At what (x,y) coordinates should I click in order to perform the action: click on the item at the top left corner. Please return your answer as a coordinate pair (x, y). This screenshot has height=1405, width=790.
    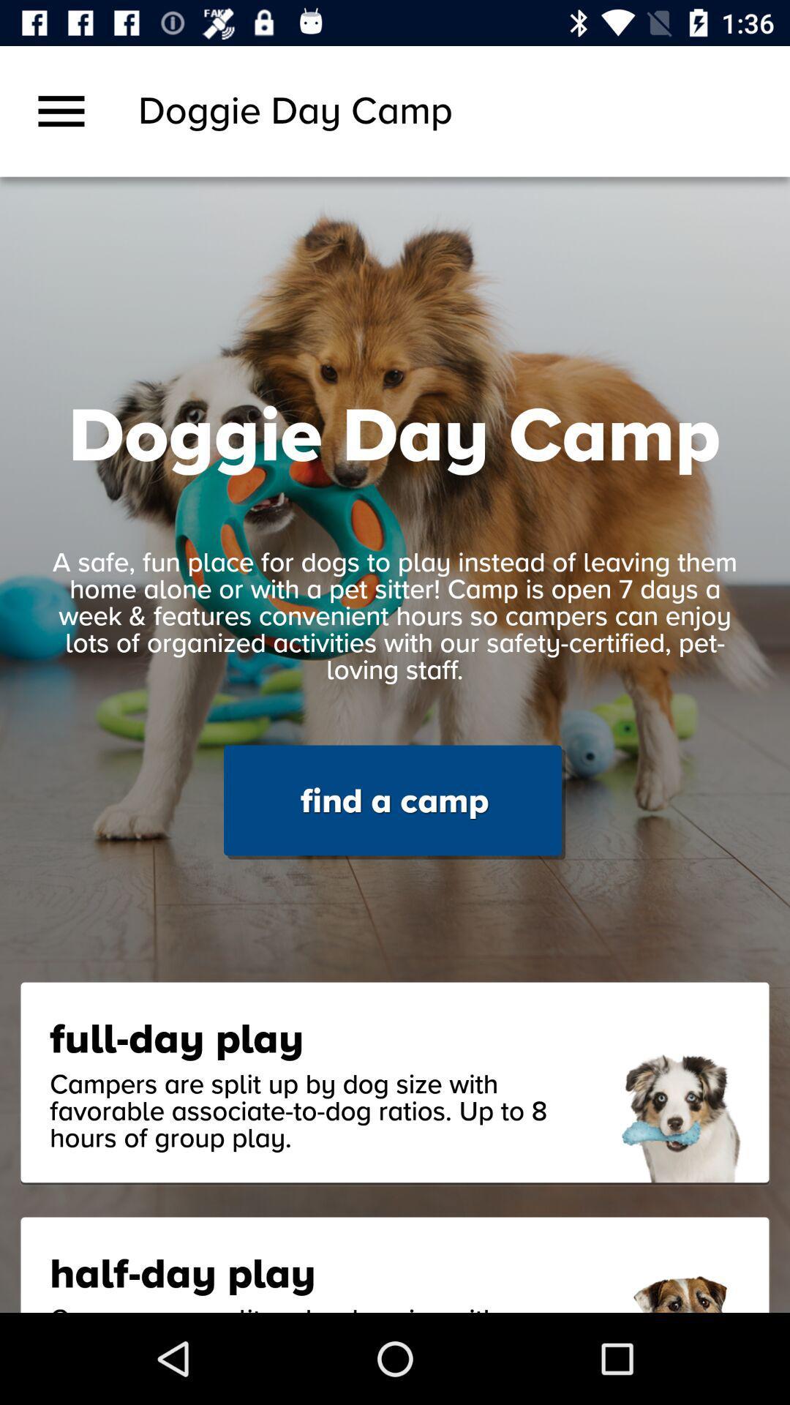
    Looking at the image, I should click on (61, 110).